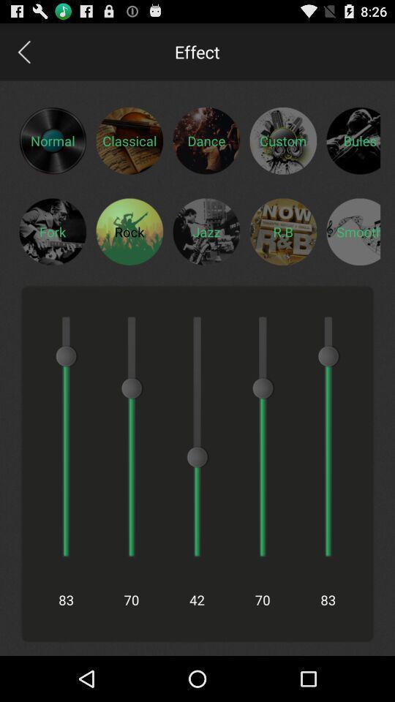 This screenshot has width=395, height=702. What do you see at coordinates (52, 140) in the screenshot?
I see `the classification to be normal` at bounding box center [52, 140].